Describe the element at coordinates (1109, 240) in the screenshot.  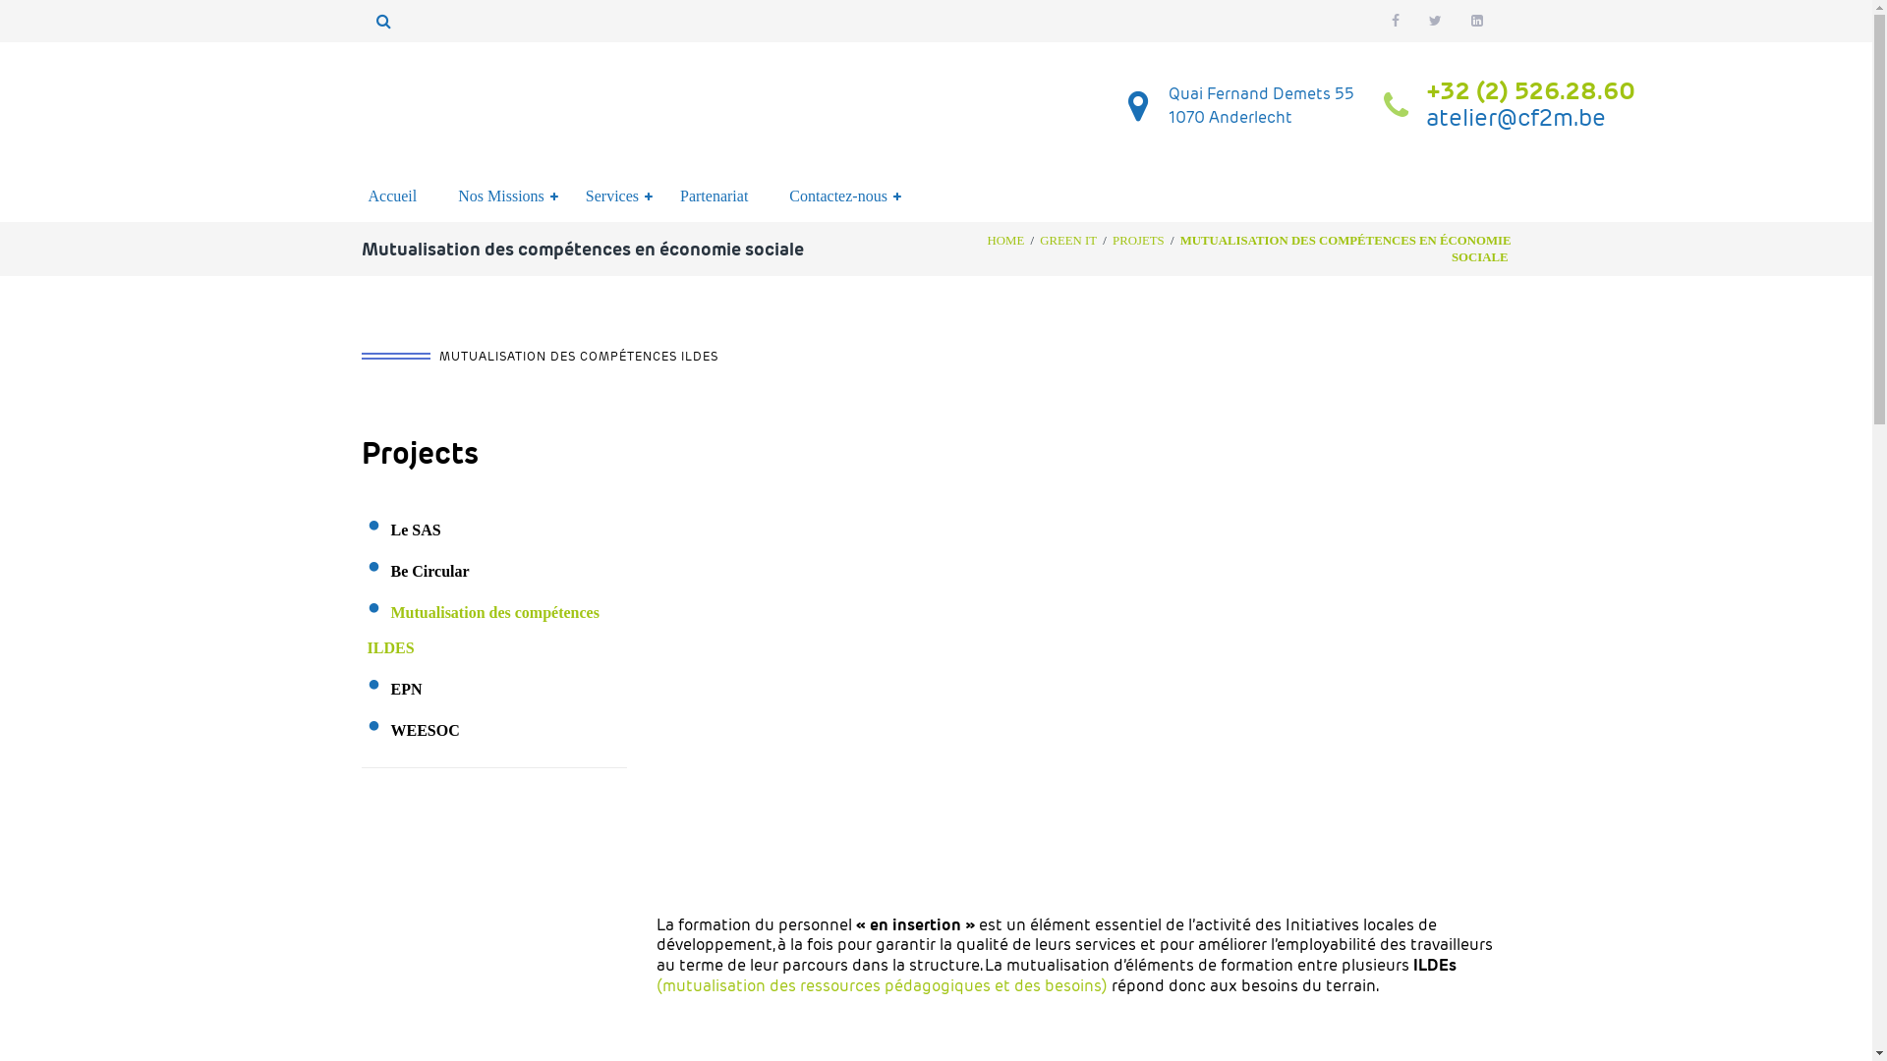
I see `'PROJETS'` at that location.